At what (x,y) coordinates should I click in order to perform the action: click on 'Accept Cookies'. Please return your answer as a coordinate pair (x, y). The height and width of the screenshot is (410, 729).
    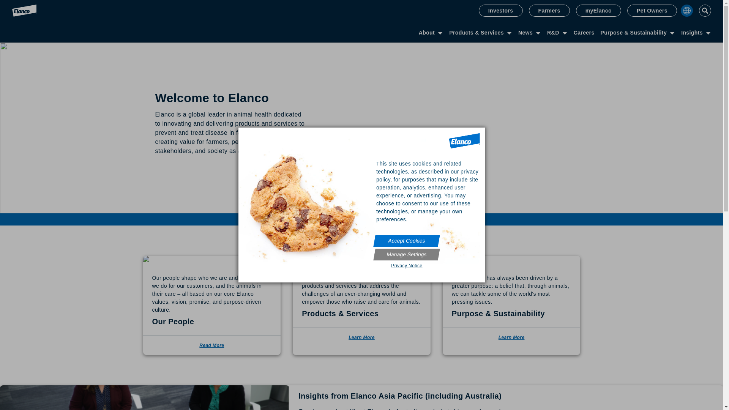
    Looking at the image, I should click on (406, 241).